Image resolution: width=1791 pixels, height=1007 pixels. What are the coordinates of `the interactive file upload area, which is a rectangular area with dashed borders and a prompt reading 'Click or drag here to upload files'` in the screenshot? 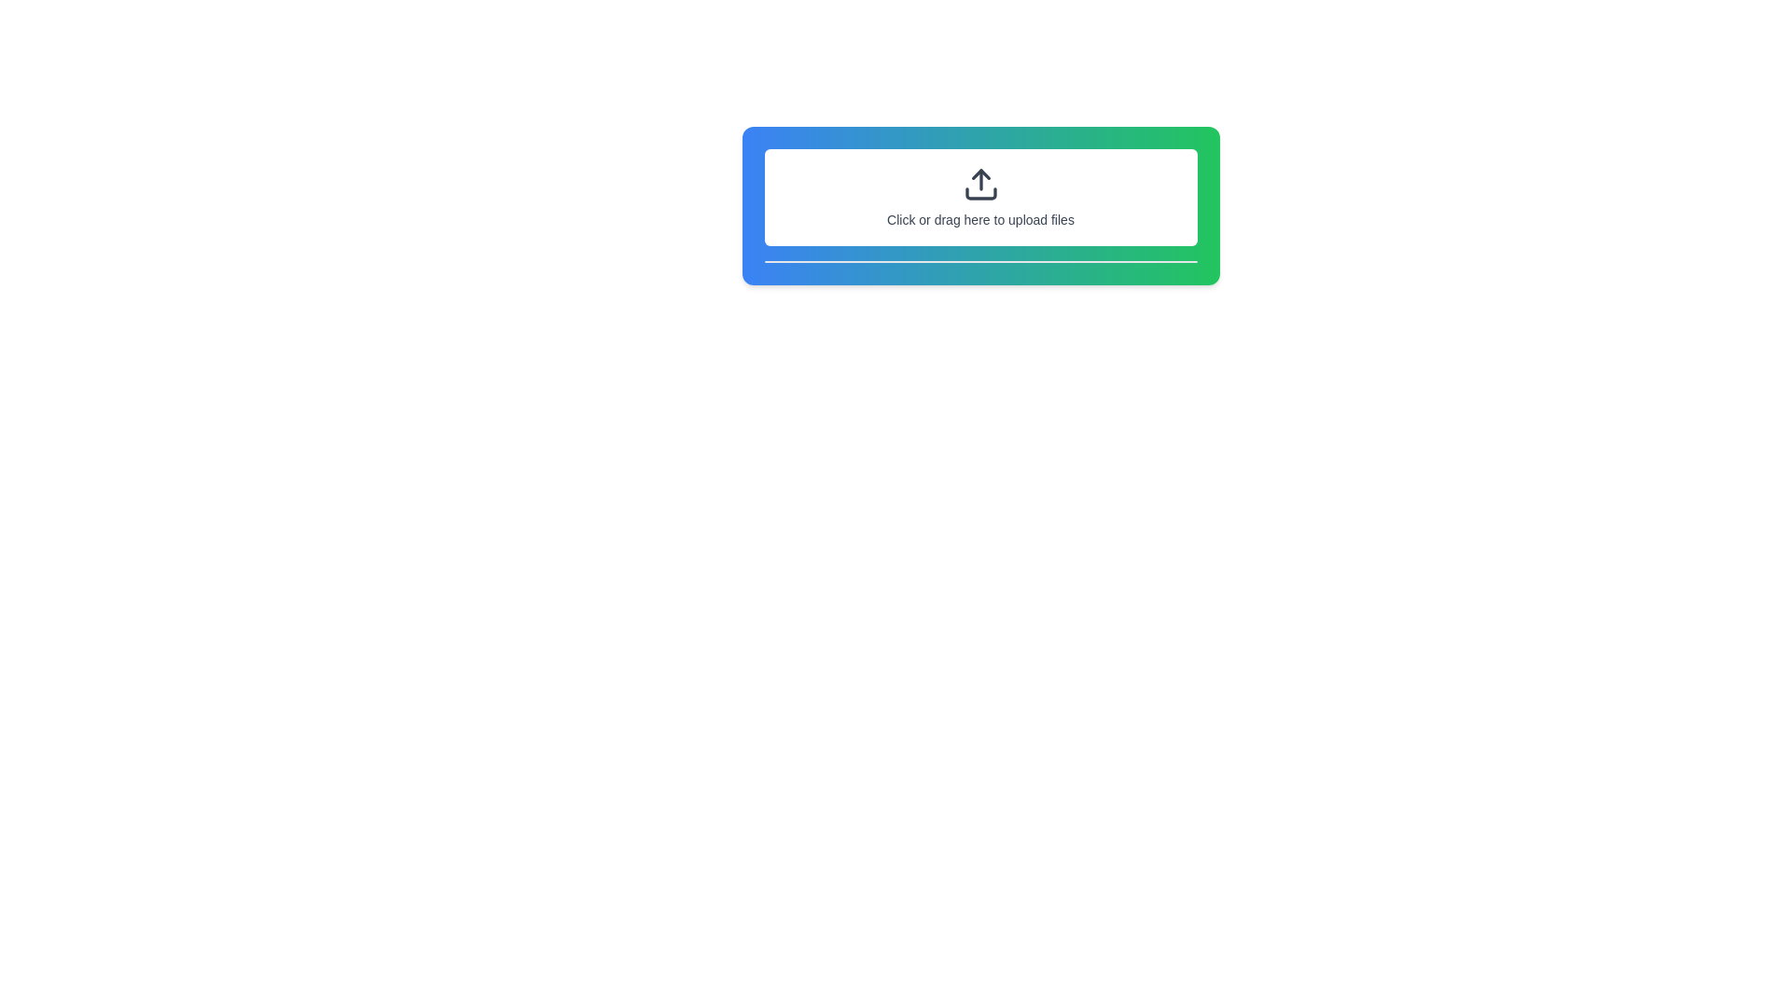 It's located at (979, 198).